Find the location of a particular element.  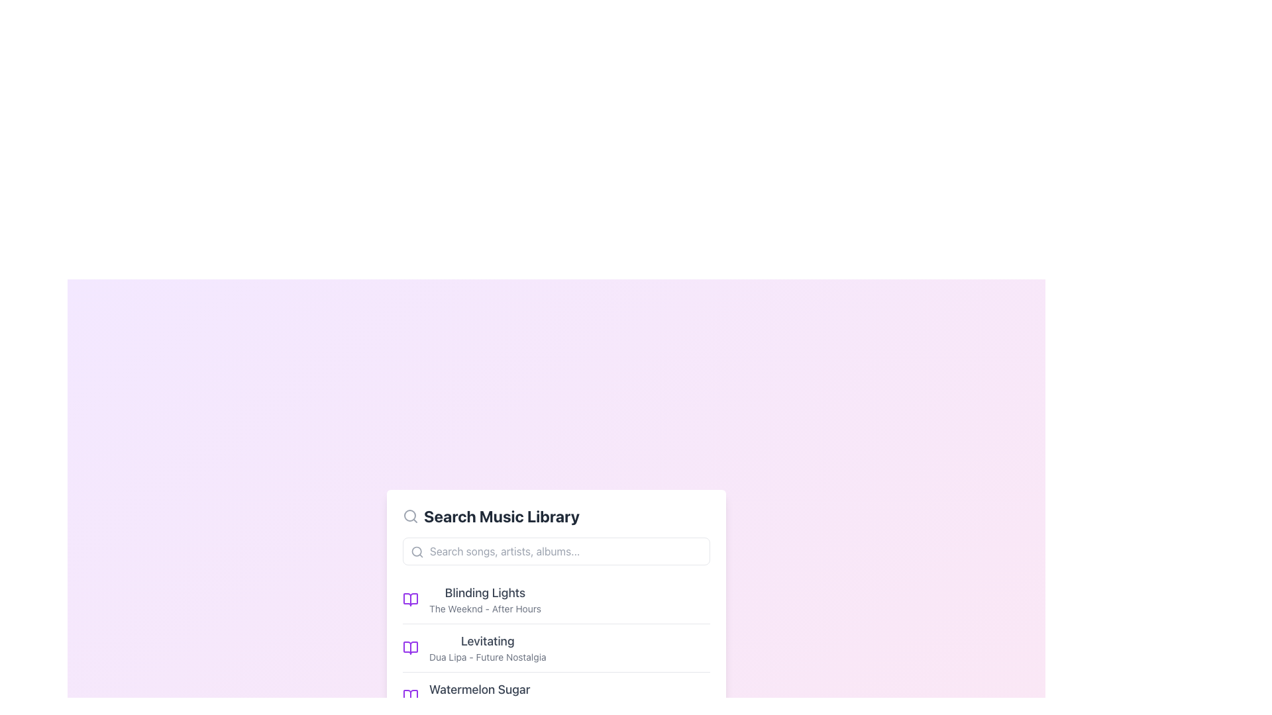

the text input field for searching songs, artists, albums to observe the visual change is located at coordinates (556, 551).